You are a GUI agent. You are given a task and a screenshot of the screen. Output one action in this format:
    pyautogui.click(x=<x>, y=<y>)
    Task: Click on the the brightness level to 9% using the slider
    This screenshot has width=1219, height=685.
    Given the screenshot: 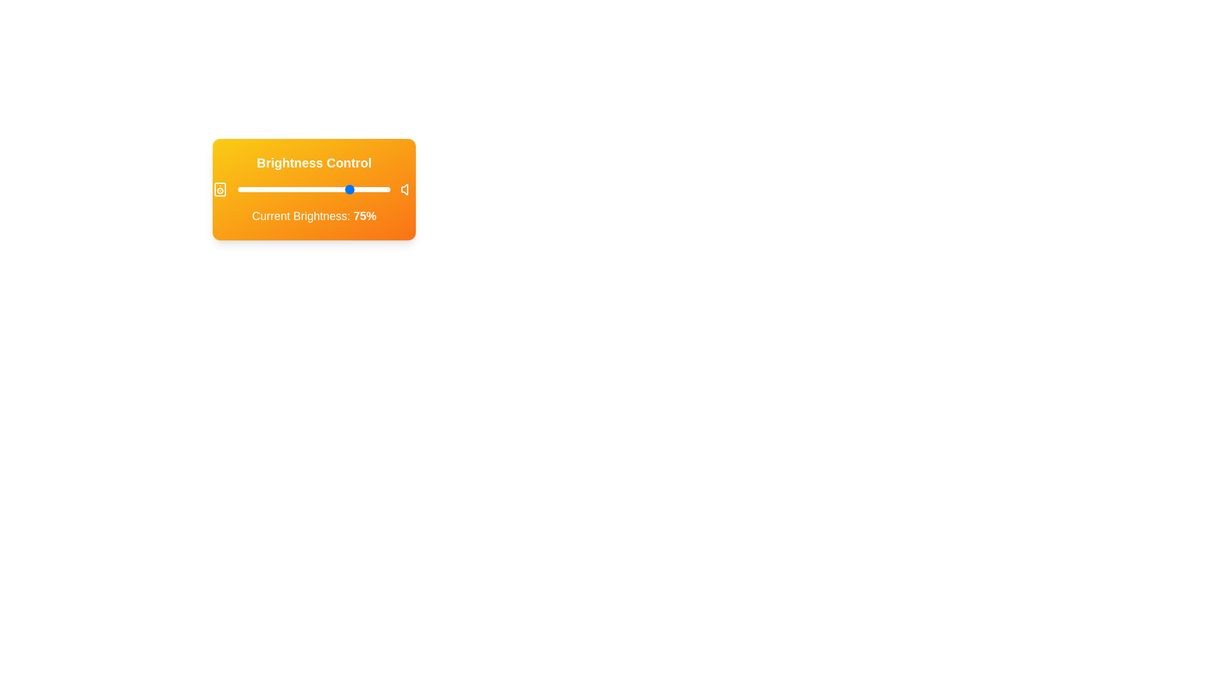 What is the action you would take?
    pyautogui.click(x=251, y=190)
    